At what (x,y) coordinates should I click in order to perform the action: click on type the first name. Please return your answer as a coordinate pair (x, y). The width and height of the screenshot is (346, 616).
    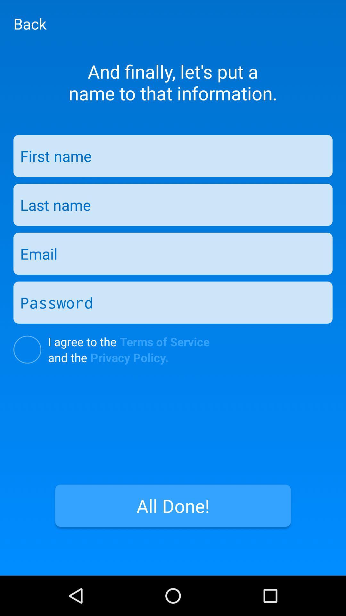
    Looking at the image, I should click on (173, 156).